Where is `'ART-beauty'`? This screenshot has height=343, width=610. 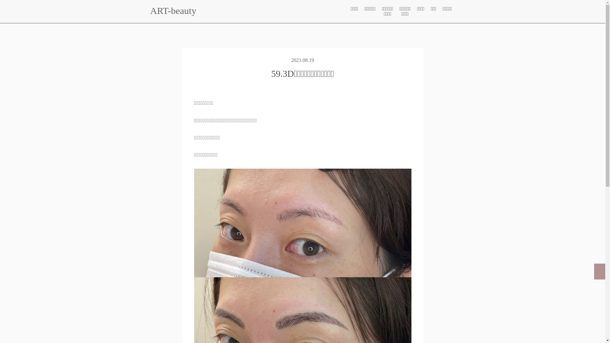 'ART-beauty' is located at coordinates (173, 10).